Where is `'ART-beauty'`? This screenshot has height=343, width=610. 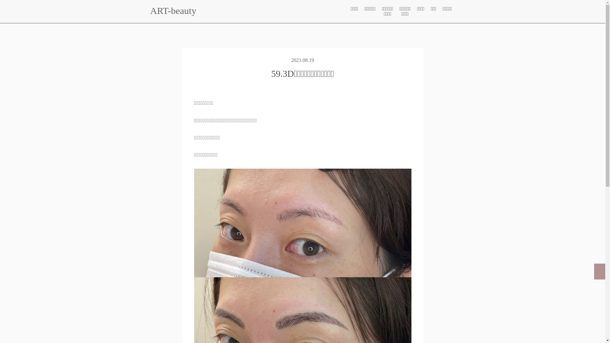 'ART-beauty' is located at coordinates (173, 10).